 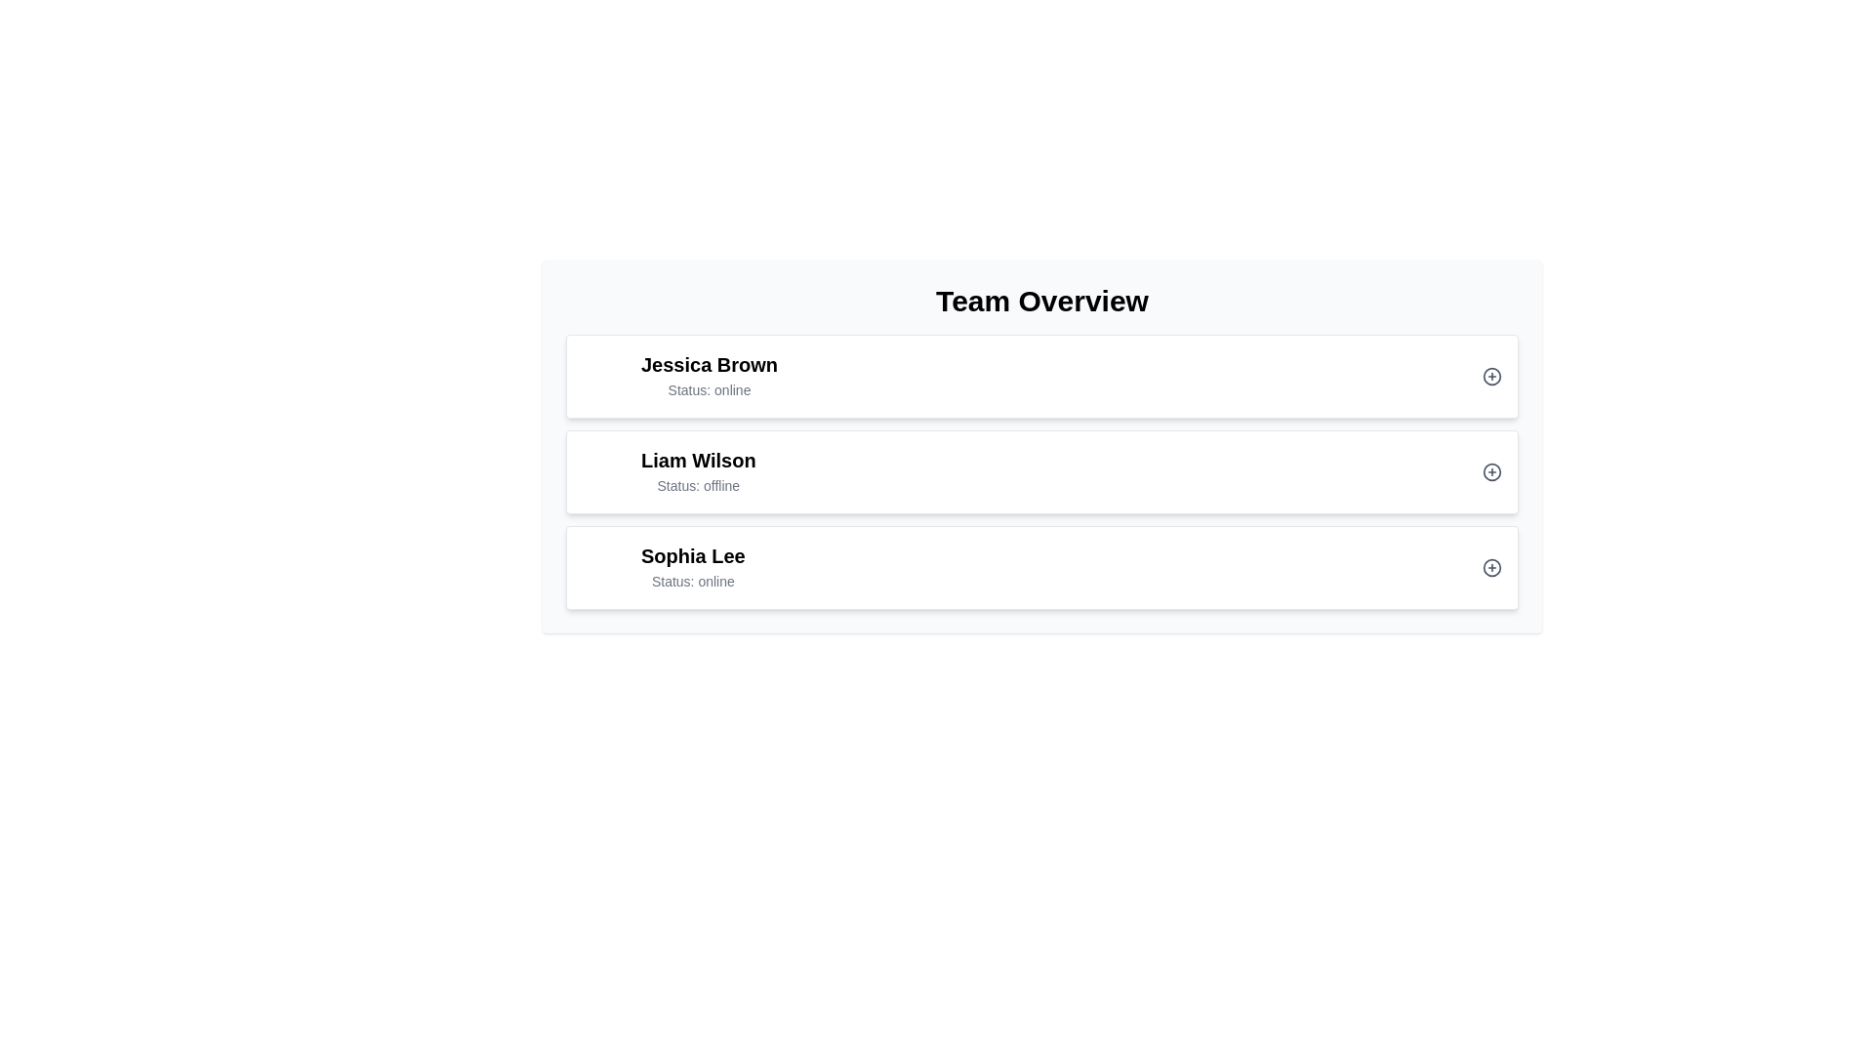 What do you see at coordinates (604, 568) in the screenshot?
I see `the Circular Badge representing 'Sophia Lee' in the 'Team Overview' list, positioned to the left of her name` at bounding box center [604, 568].